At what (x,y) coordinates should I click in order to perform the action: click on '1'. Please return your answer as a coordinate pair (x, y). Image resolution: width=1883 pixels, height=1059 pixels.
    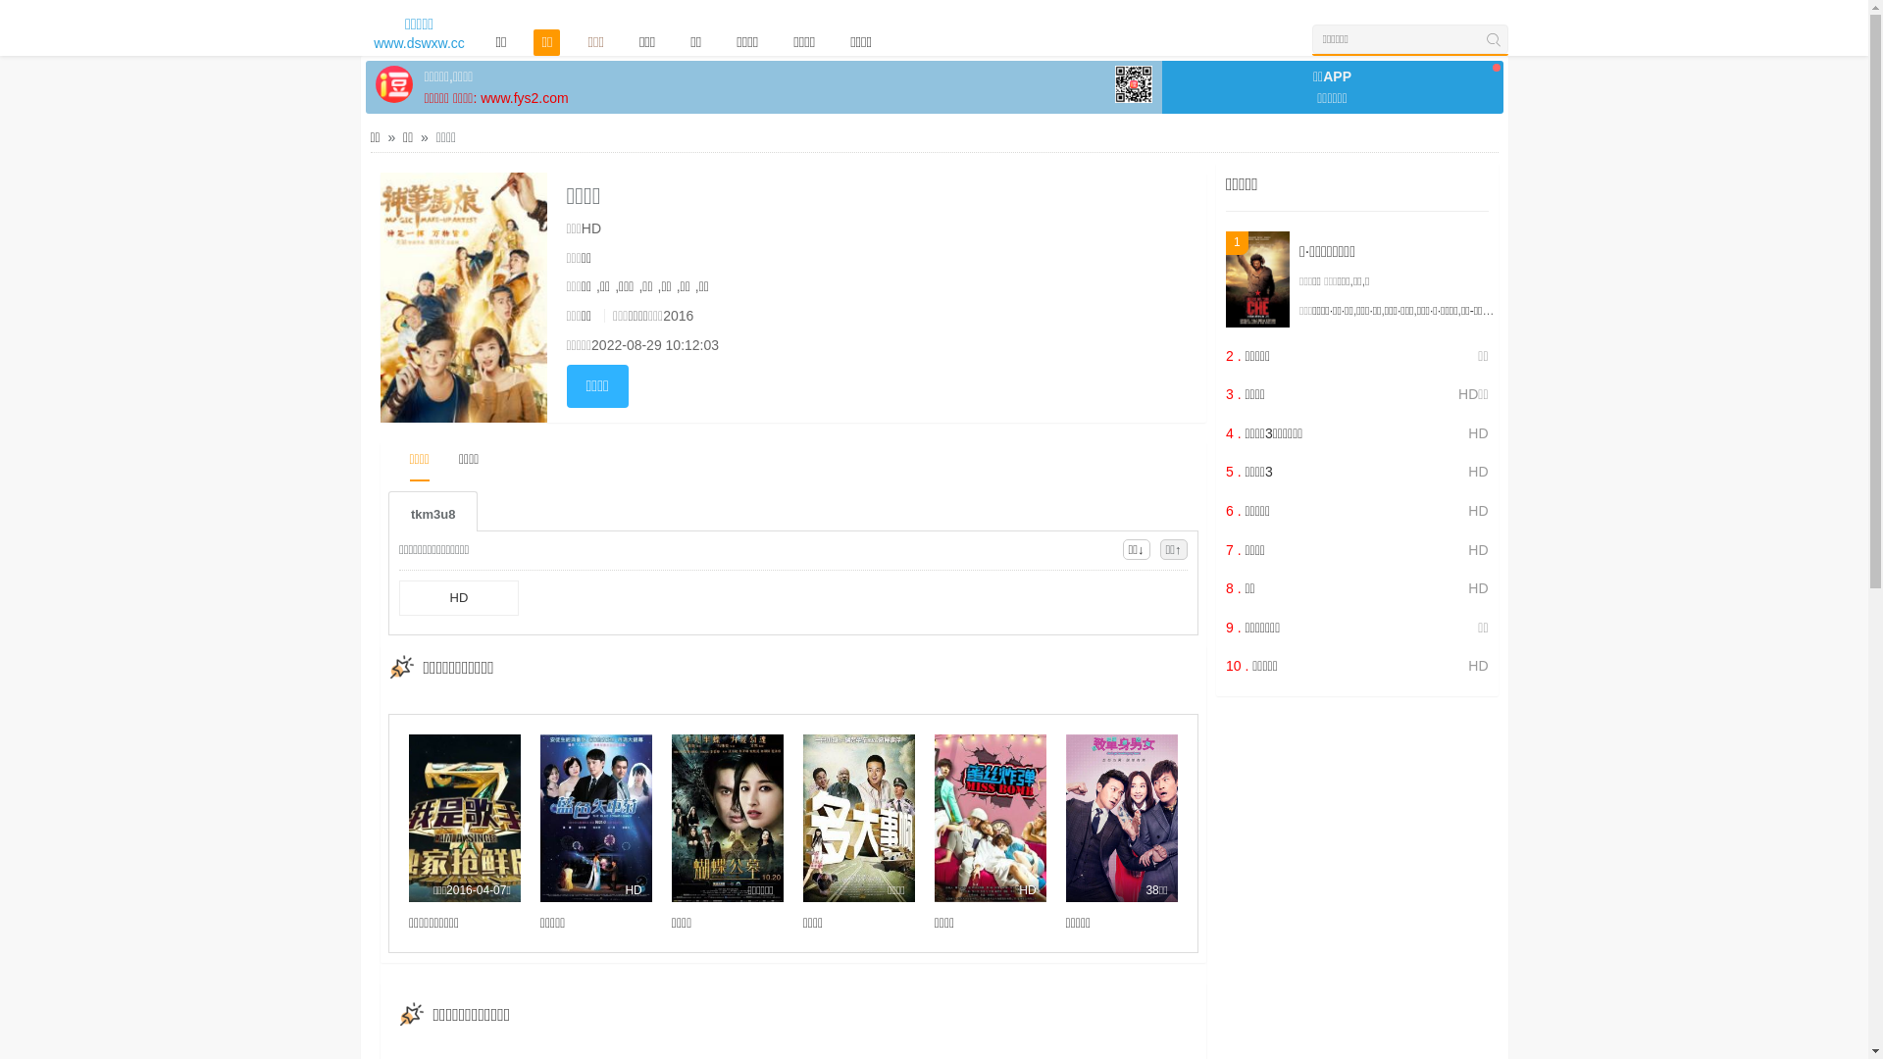
    Looking at the image, I should click on (1257, 279).